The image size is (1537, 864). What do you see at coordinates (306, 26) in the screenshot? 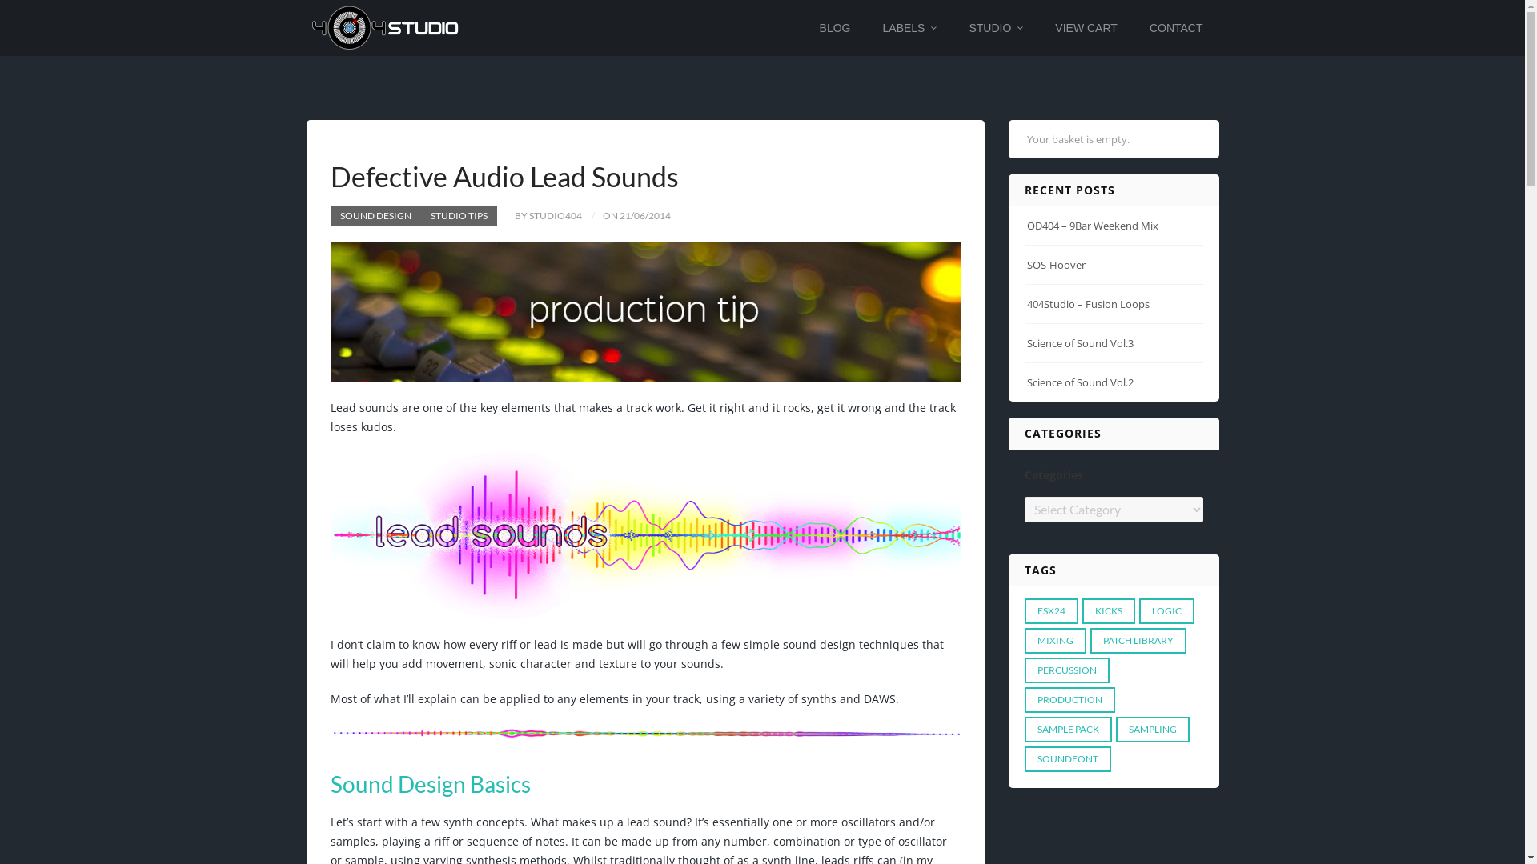
I see `'404Studio - Audio Production & Sound Design'` at bounding box center [306, 26].